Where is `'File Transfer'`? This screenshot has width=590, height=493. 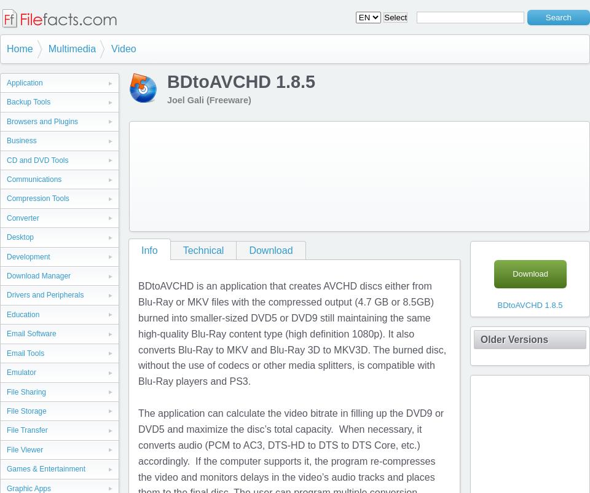
'File Transfer' is located at coordinates (26, 429).